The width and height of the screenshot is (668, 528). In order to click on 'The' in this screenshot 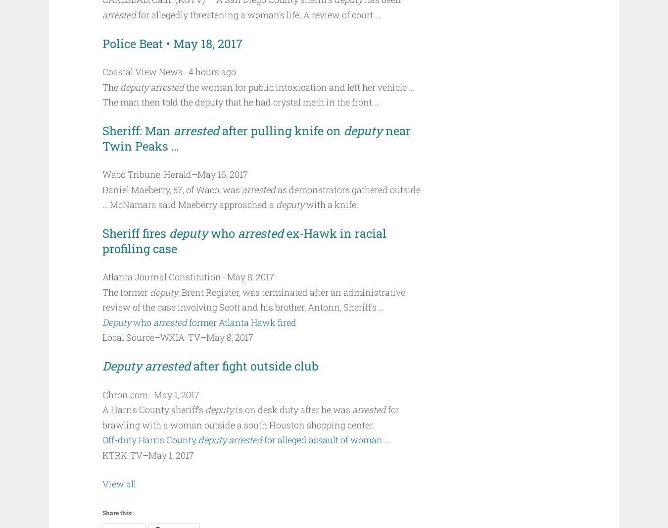, I will do `click(110, 86)`.